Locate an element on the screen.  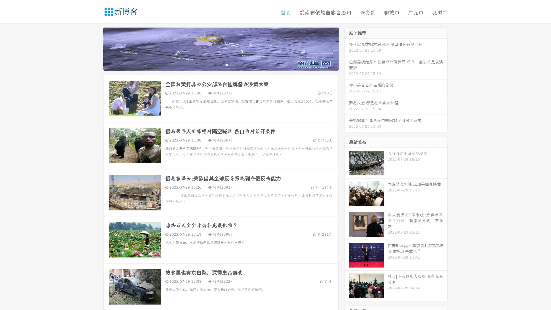
Go to slide 3 is located at coordinates (226, 65).